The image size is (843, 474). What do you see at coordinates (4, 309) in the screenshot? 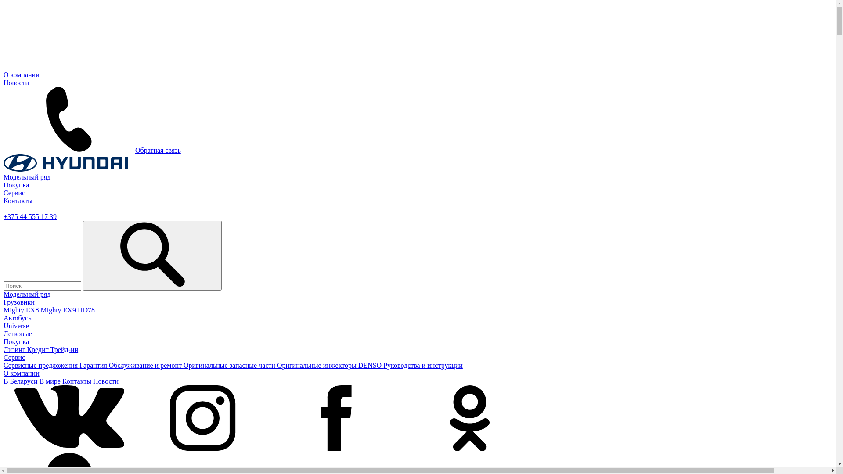
I see `'Mighty EX8'` at bounding box center [4, 309].